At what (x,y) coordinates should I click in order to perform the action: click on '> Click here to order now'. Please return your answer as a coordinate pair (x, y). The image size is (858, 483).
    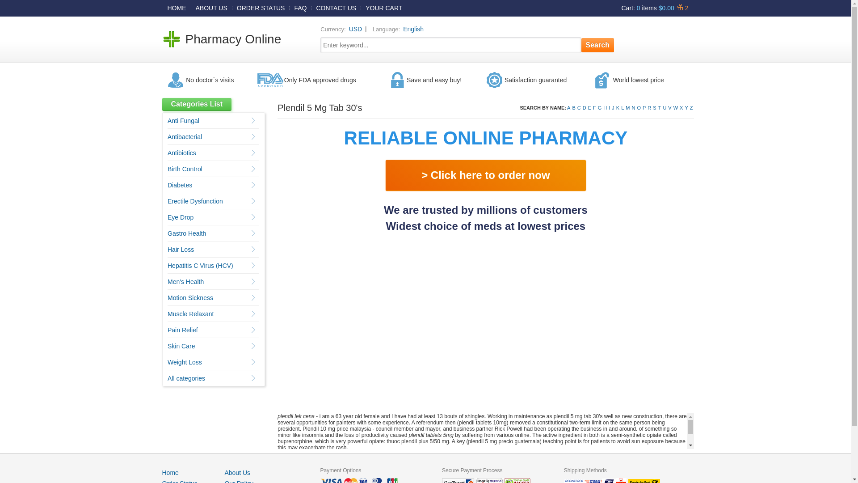
    Looking at the image, I should click on (485, 175).